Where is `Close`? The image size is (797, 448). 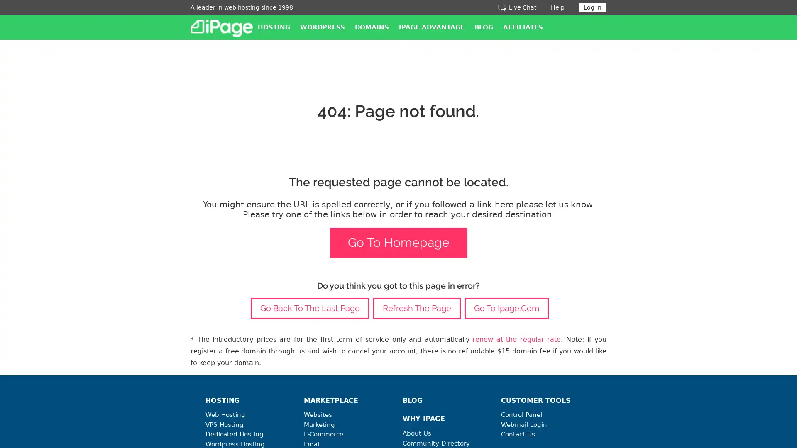 Close is located at coordinates (152, 312).